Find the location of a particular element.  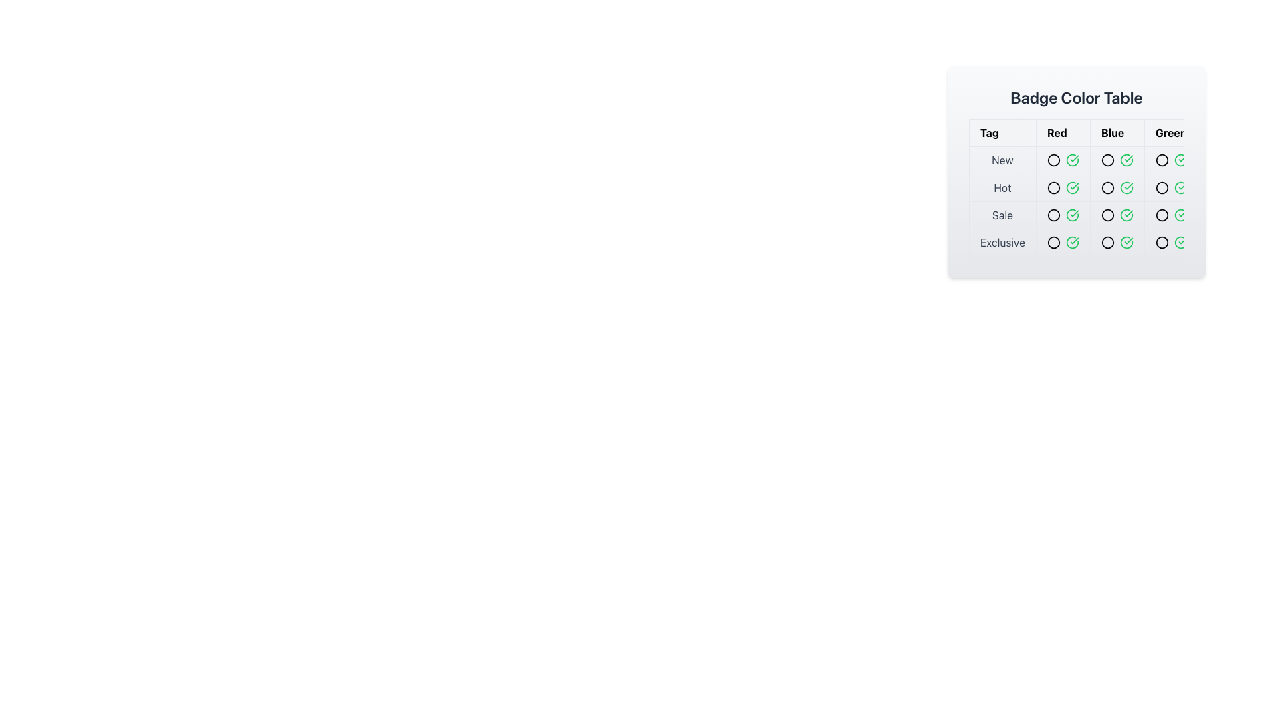

the Table Header Cell that labels the 'Blue' column, positioned between the 'Red' and 'Green' headers is located at coordinates (1117, 133).